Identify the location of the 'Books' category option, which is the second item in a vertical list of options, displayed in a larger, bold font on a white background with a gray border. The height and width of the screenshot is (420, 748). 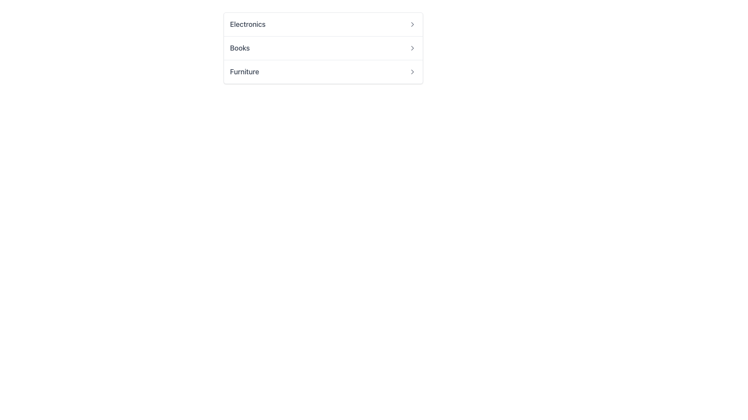
(323, 48).